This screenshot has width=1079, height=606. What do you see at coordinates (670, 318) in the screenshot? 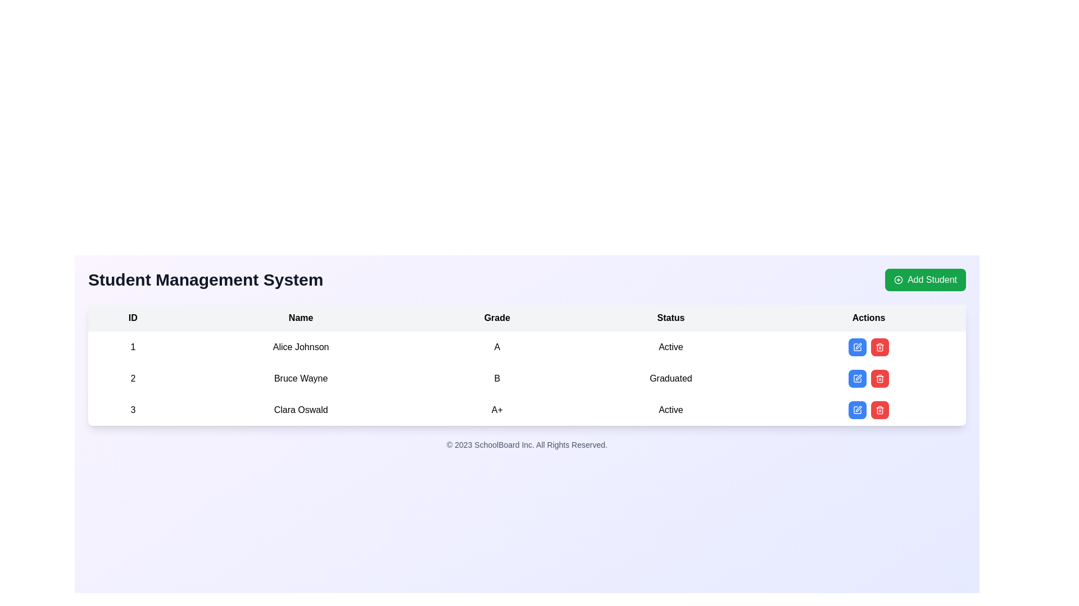
I see `text label titled 'Status' which is the fourth column header in the dataset table` at bounding box center [670, 318].